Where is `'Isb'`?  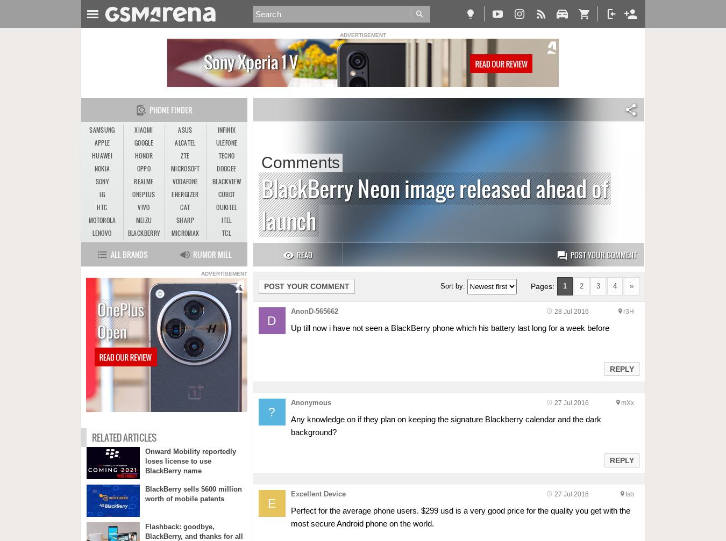 'Isb' is located at coordinates (629, 493).